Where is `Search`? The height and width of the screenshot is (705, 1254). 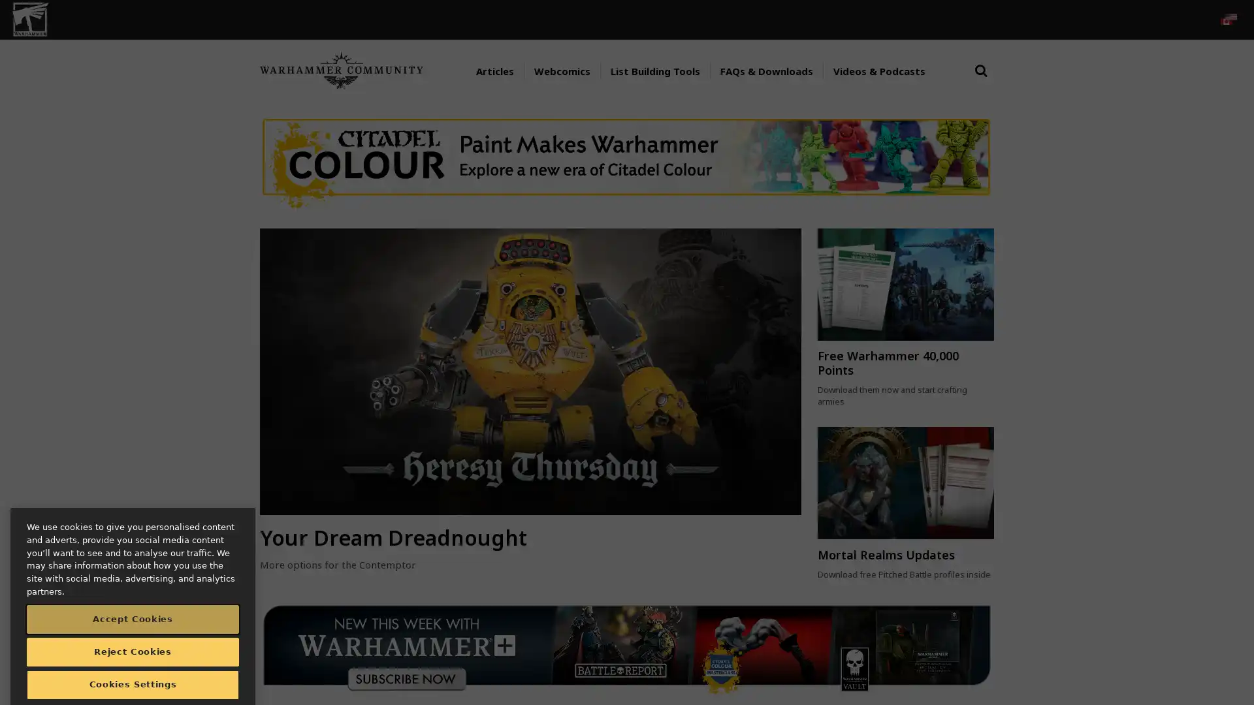
Search is located at coordinates (981, 83).